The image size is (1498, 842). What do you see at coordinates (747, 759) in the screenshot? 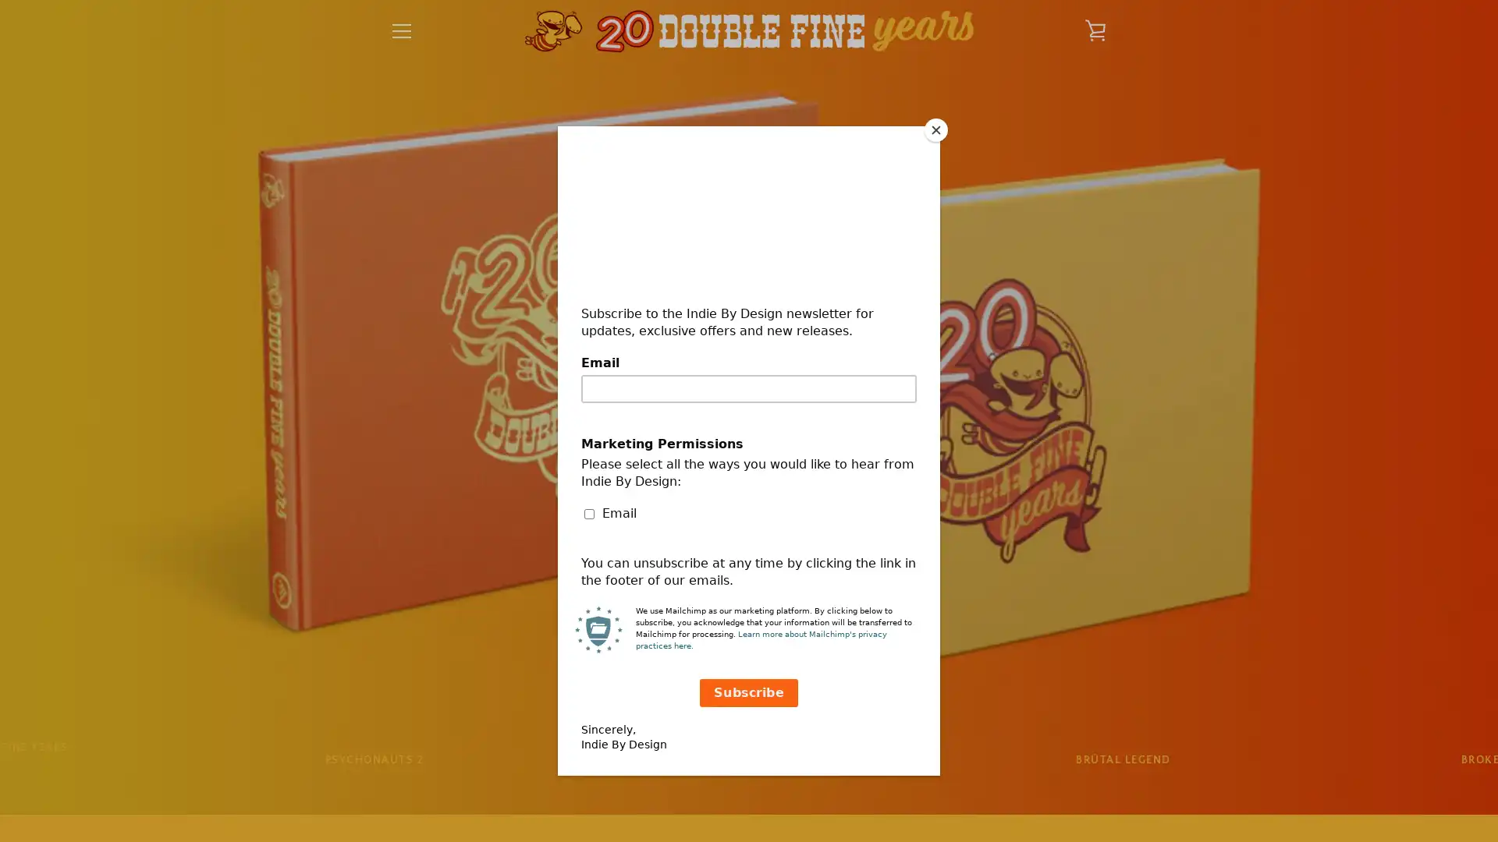
I see `SLIDE 3 GRIM FANDANGO` at bounding box center [747, 759].